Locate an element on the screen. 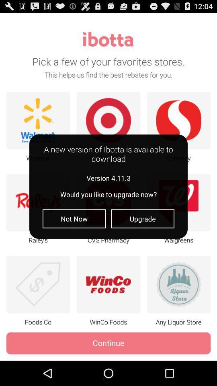  the icon below version 4 11 is located at coordinates (74, 219).